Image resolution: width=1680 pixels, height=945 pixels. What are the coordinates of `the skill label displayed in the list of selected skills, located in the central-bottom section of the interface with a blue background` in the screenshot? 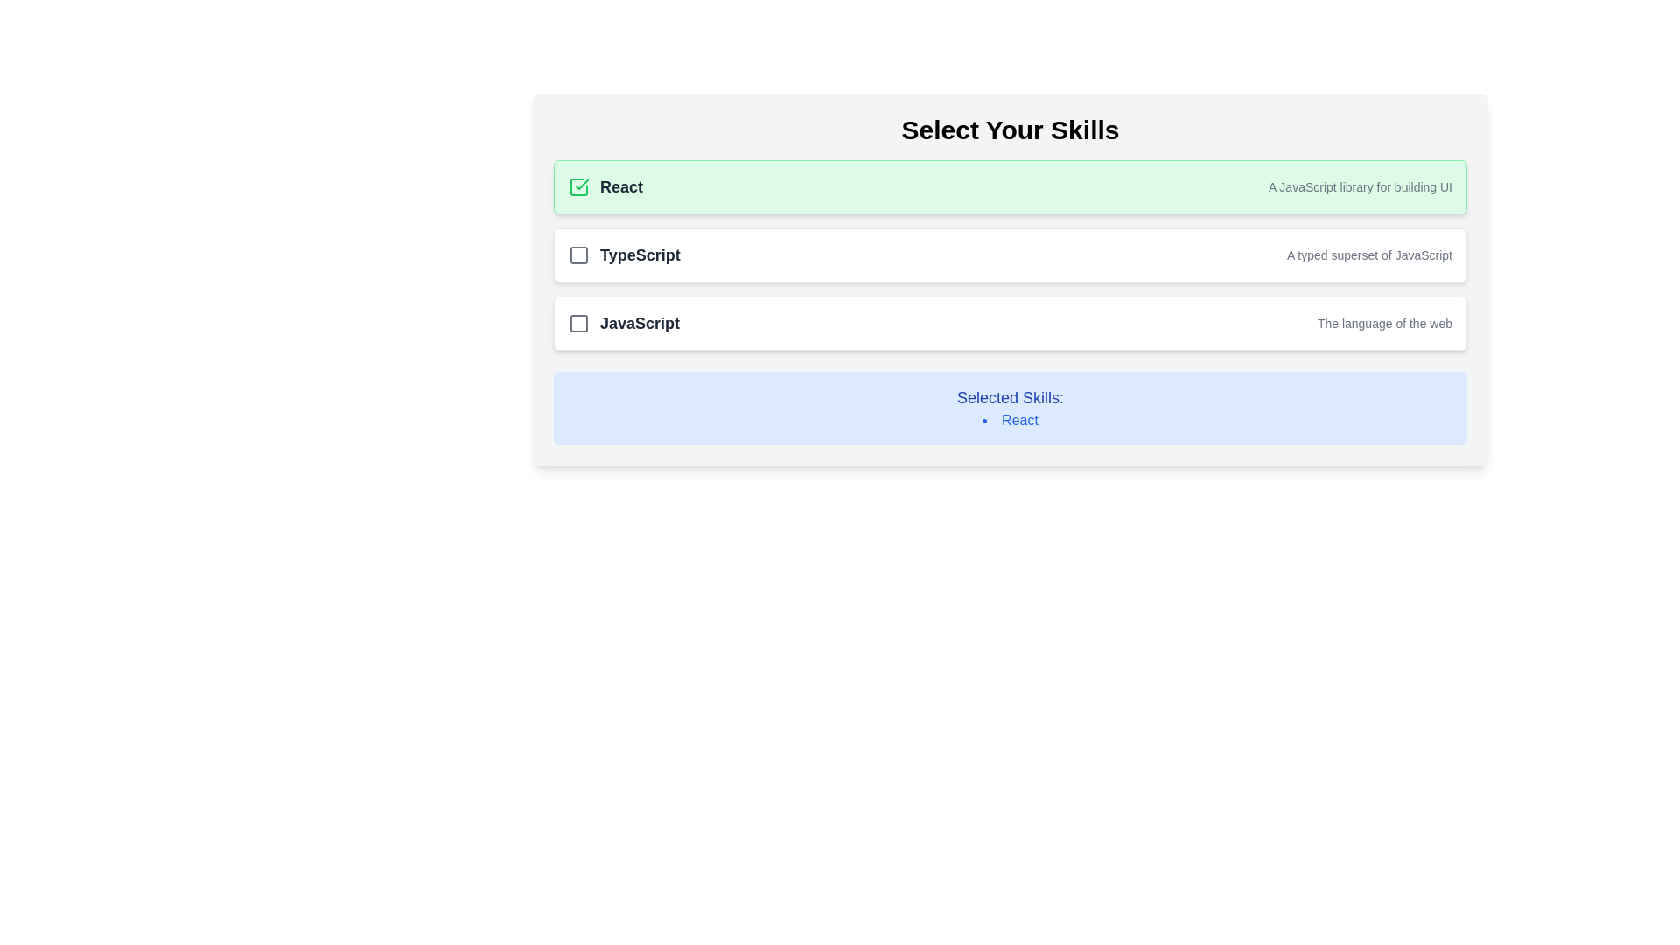 It's located at (1011, 421).